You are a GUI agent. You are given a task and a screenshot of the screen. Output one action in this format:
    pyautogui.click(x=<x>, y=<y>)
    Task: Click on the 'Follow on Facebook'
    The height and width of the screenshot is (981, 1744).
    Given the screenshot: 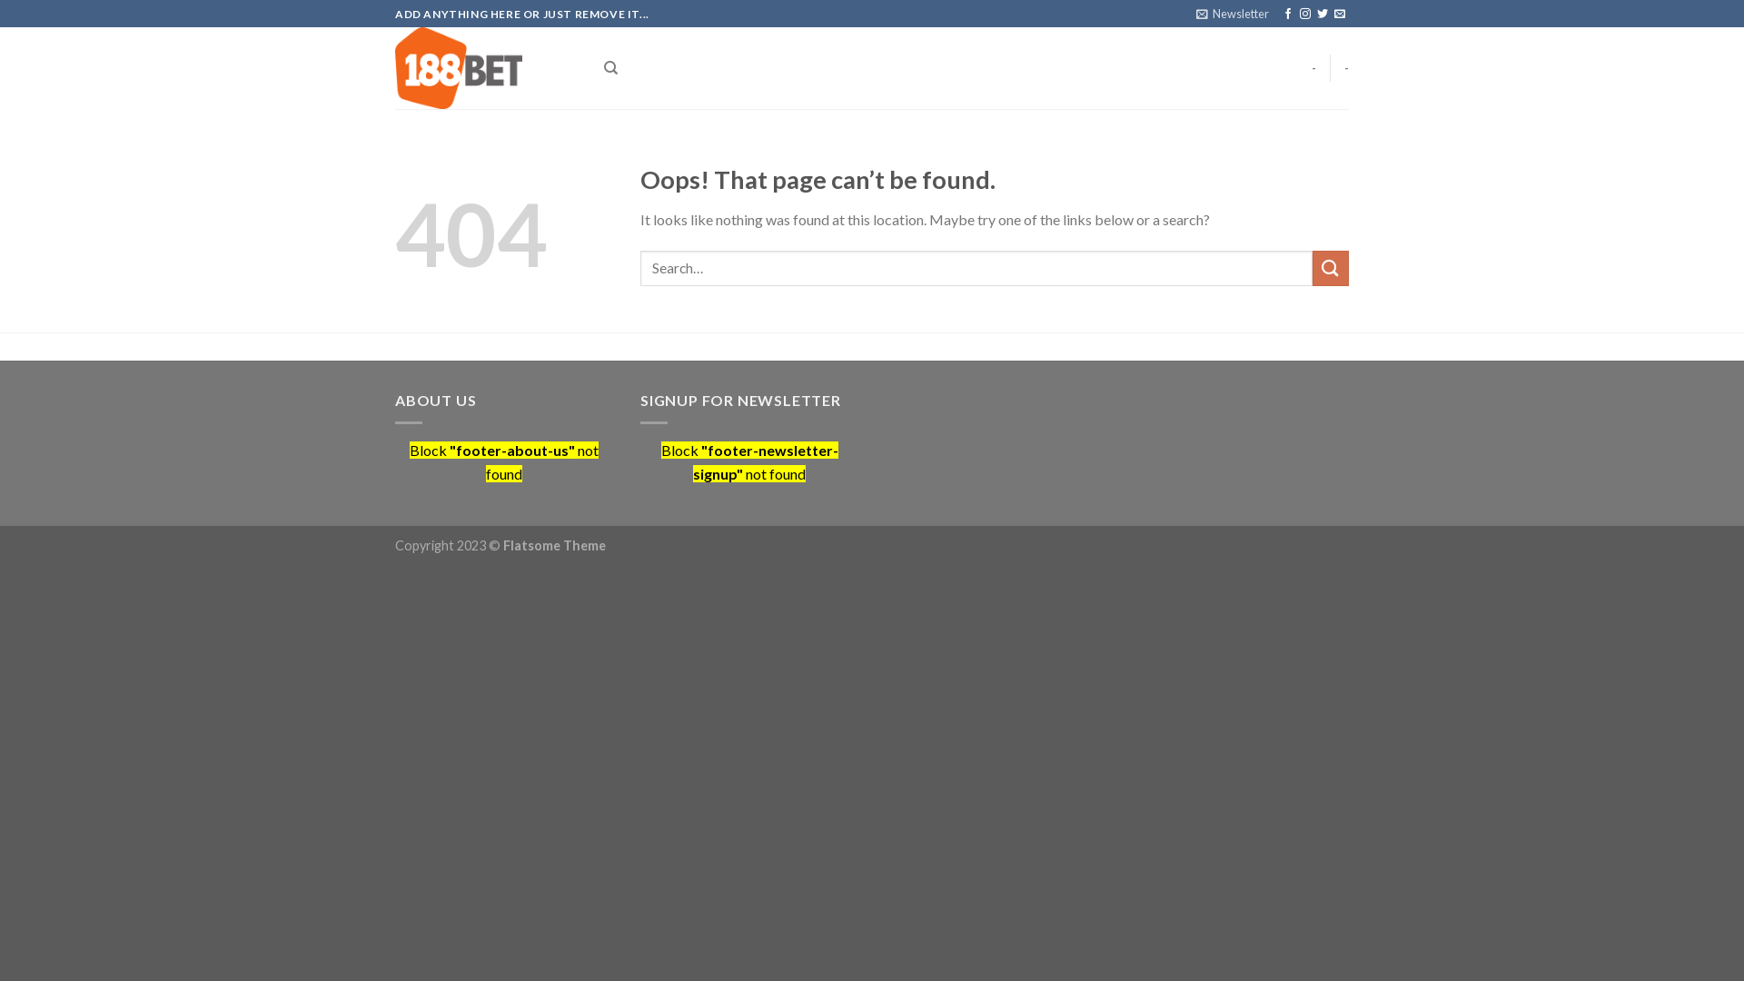 What is the action you would take?
    pyautogui.click(x=1286, y=14)
    